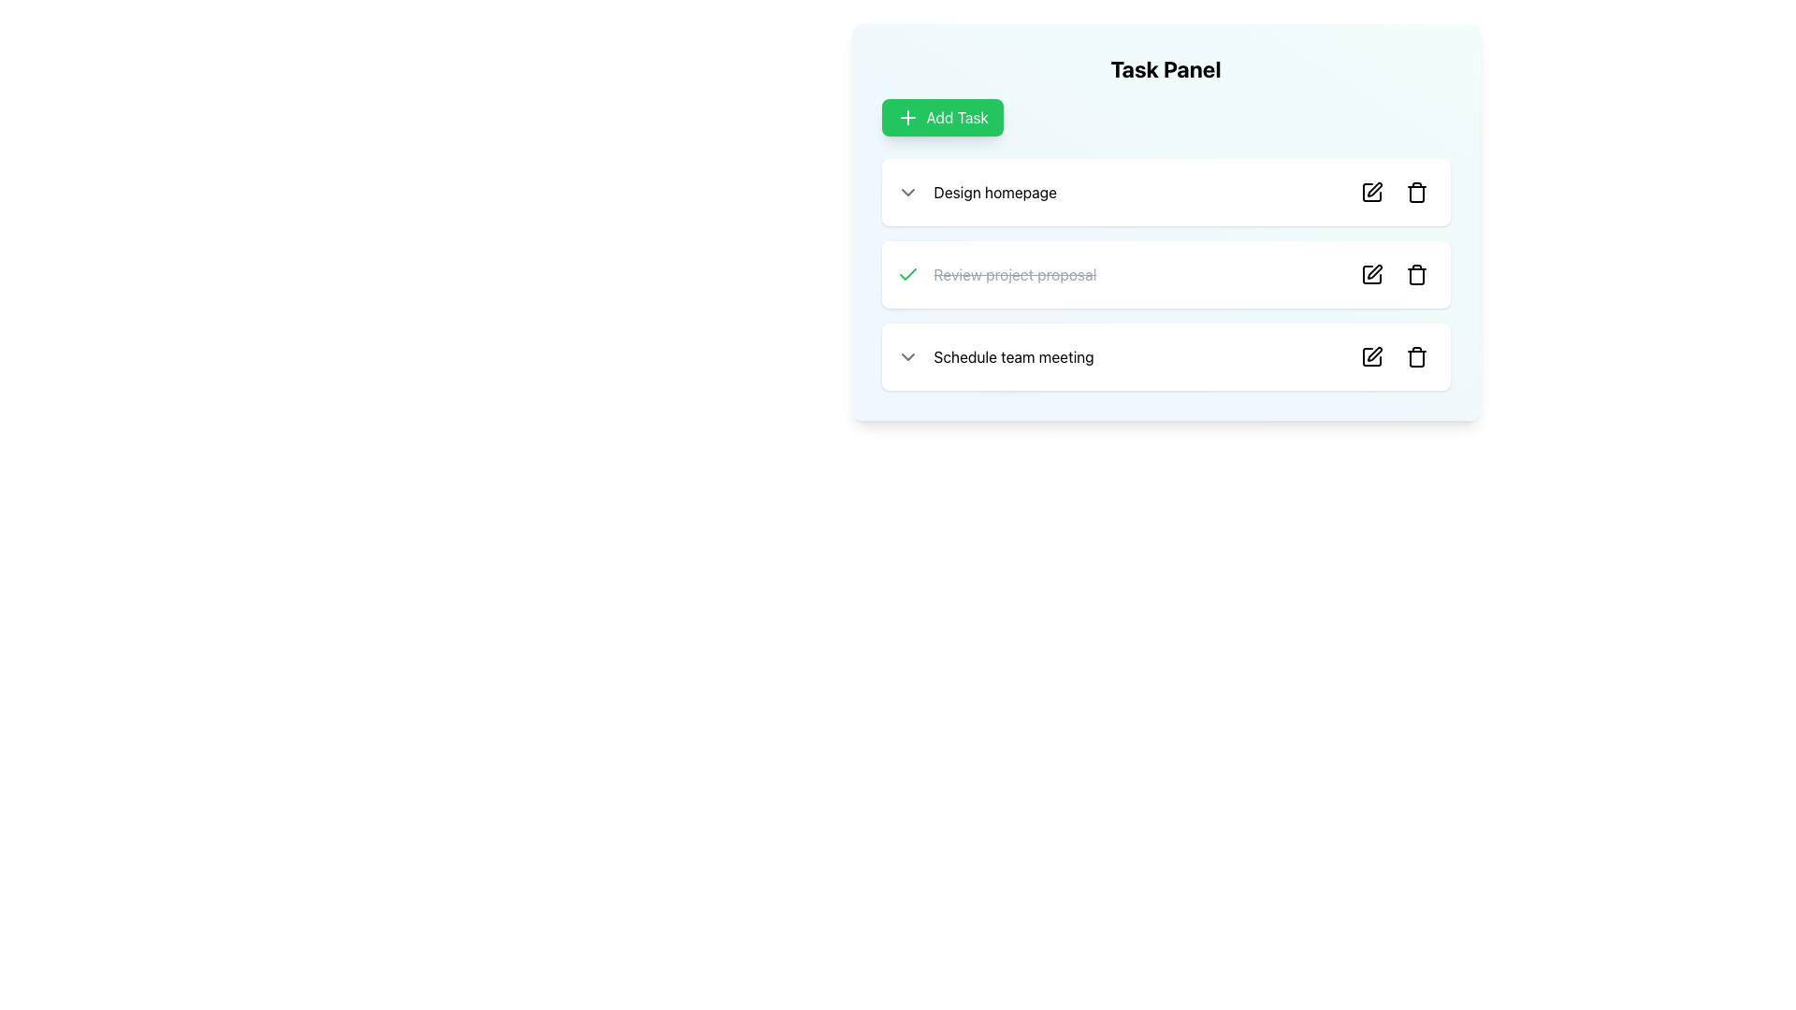 This screenshot has width=1796, height=1010. What do you see at coordinates (995, 274) in the screenshot?
I see `the text label that reads 'Review project proposal' with a line-through style, indicating it as completed, located in the task panel between 'Design homepage' and 'Schedule team meeting.'` at bounding box center [995, 274].